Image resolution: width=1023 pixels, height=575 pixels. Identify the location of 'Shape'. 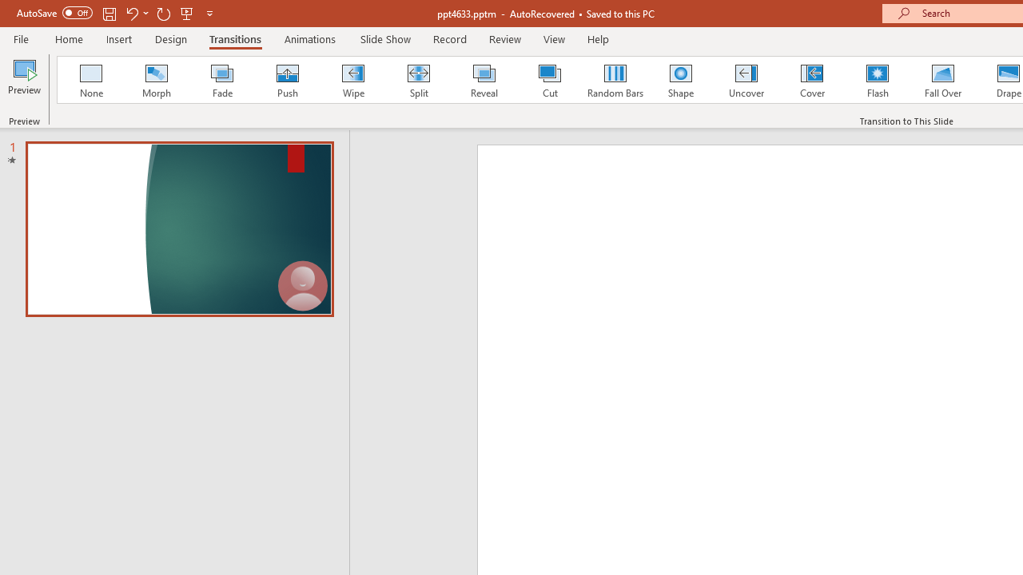
(681, 80).